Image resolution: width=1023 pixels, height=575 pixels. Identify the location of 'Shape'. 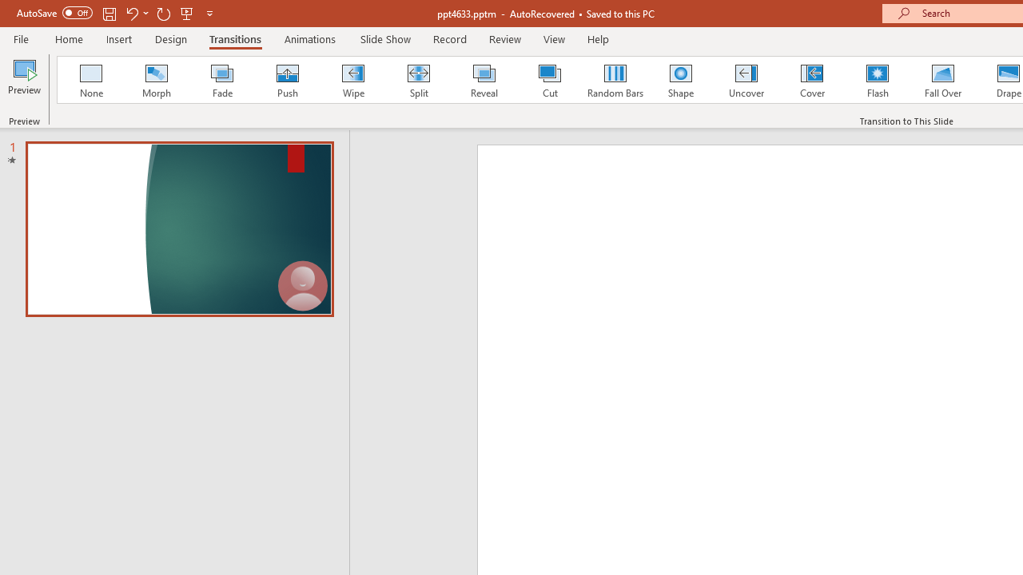
(681, 80).